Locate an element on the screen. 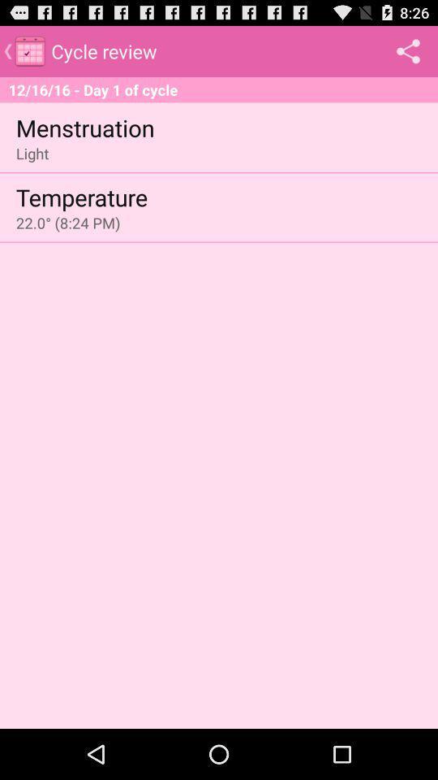 The width and height of the screenshot is (438, 780). item below temperature item is located at coordinates (67, 222).